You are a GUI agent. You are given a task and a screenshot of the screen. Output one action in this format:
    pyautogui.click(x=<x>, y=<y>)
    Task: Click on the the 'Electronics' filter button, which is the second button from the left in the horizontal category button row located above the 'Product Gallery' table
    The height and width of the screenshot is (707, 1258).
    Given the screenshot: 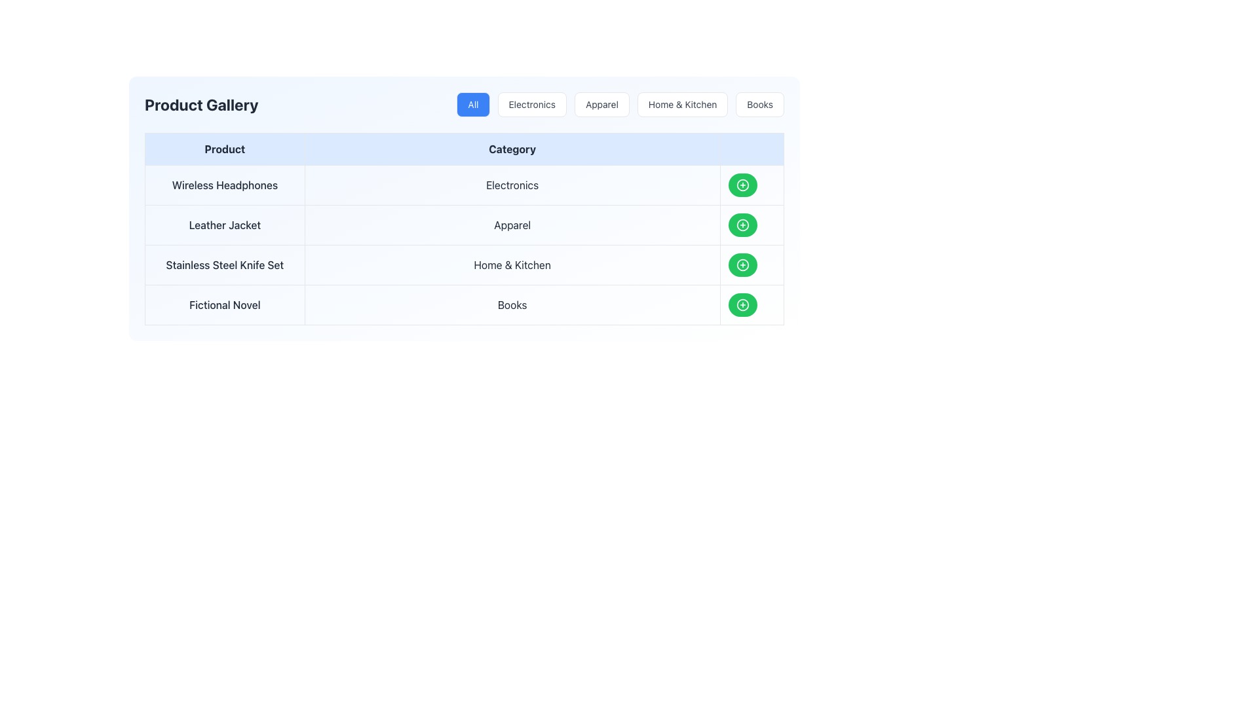 What is the action you would take?
    pyautogui.click(x=532, y=103)
    